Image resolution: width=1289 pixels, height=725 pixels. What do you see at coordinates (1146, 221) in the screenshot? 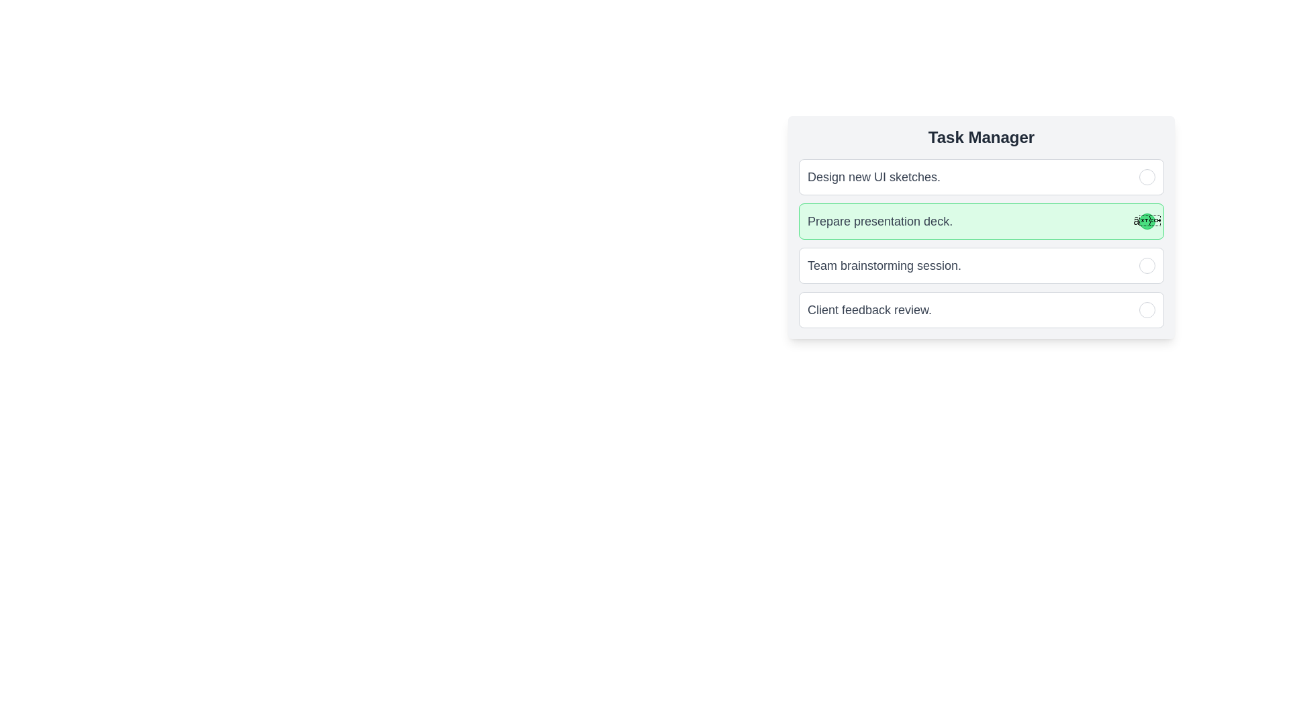
I see `the Status Indicator for the task 'Prepare presentation deck.' located at the rightmost side of the task row` at bounding box center [1146, 221].